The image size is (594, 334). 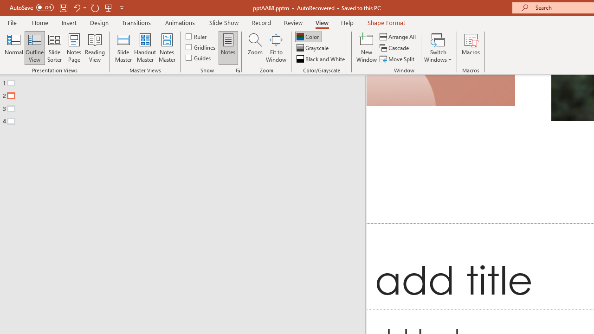 I want to click on 'Notes Master', so click(x=167, y=48).